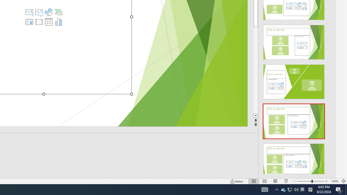 This screenshot has height=195, width=347. What do you see at coordinates (58, 12) in the screenshot?
I see `'Insert a SmartArt Graphic'` at bounding box center [58, 12].